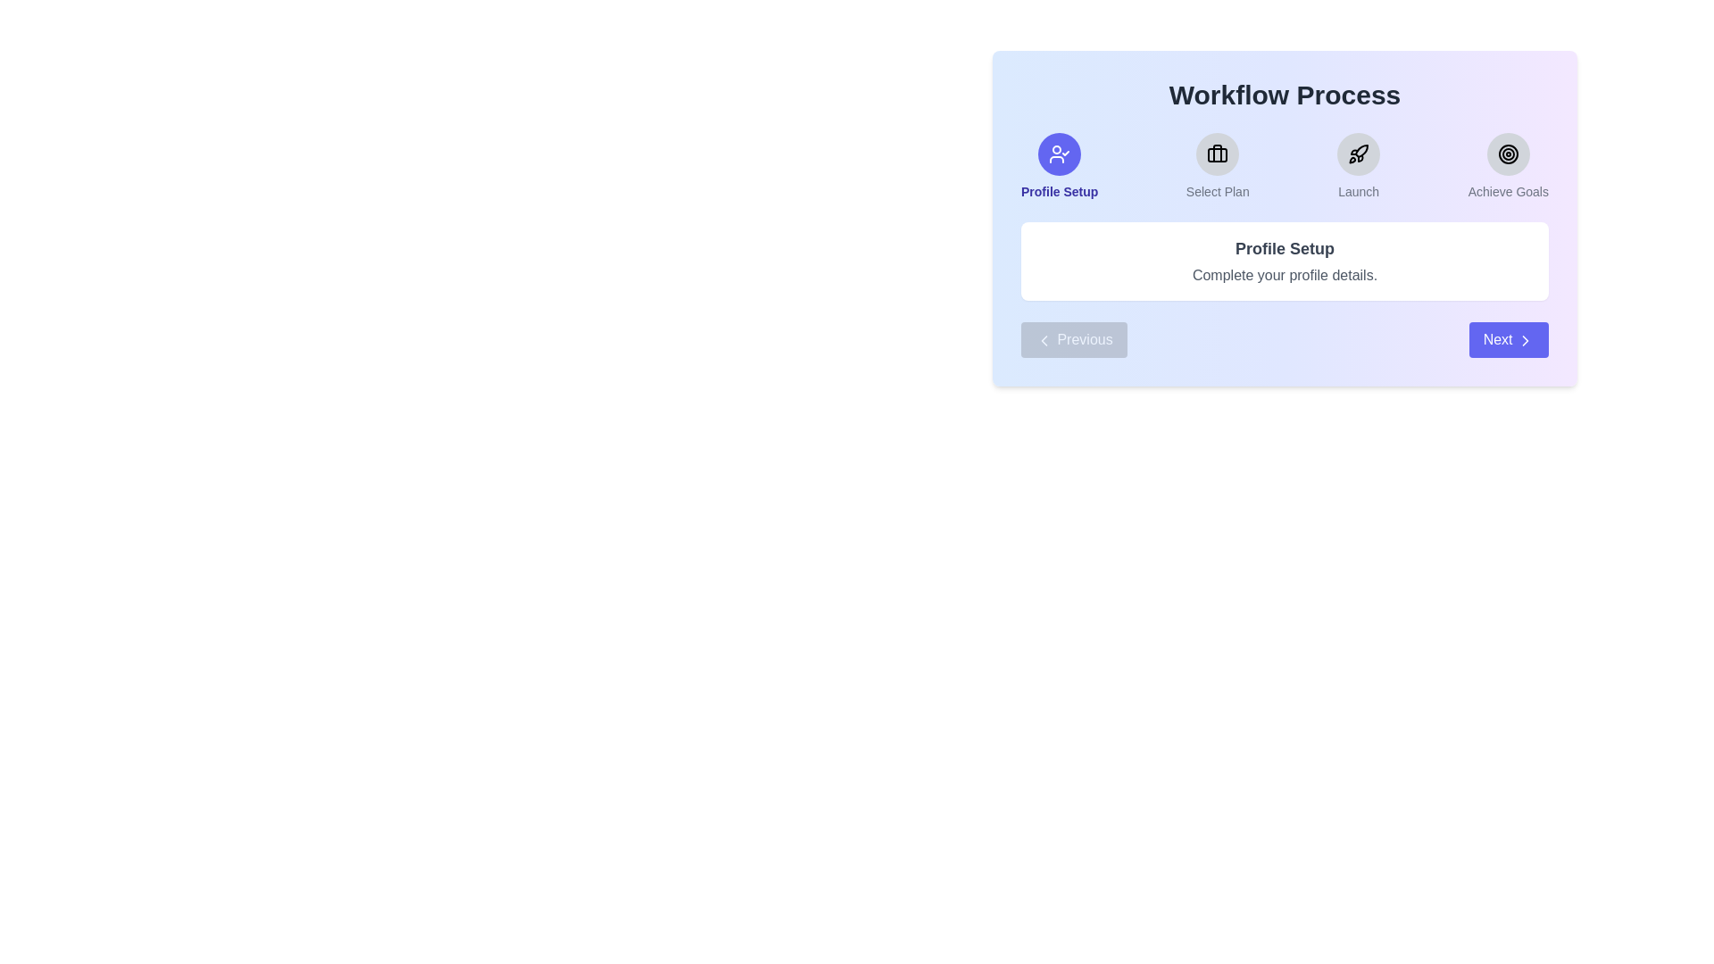 The width and height of the screenshot is (1714, 964). What do you see at coordinates (1060, 154) in the screenshot?
I see `the Profile Setup step icon to view its details` at bounding box center [1060, 154].